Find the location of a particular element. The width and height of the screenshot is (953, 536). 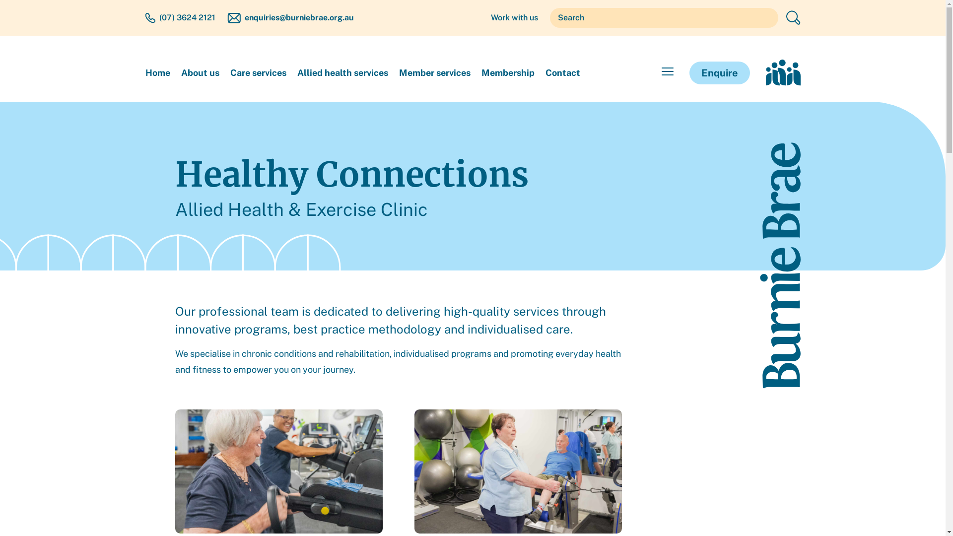

'Allied health services' is located at coordinates (342, 72).